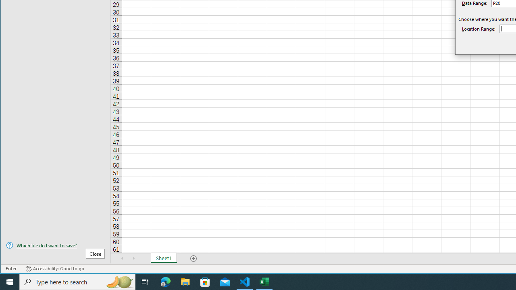 This screenshot has width=516, height=290. Describe the element at coordinates (264, 281) in the screenshot. I see `'Excel - 1 running window'` at that location.